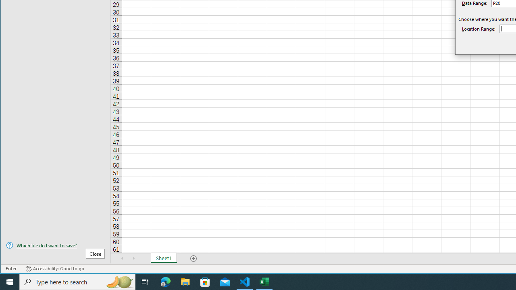 This screenshot has width=516, height=290. Describe the element at coordinates (264, 281) in the screenshot. I see `'Excel - 1 running window'` at that location.